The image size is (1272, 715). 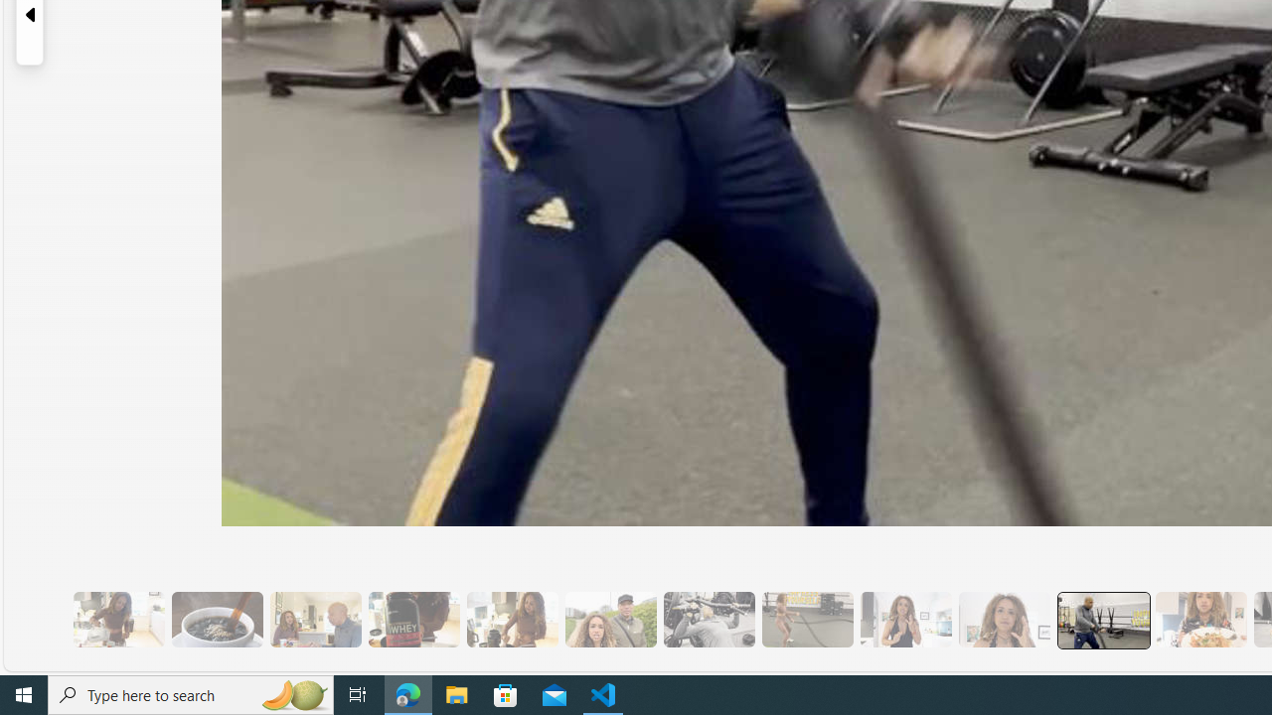 What do you see at coordinates (412, 619) in the screenshot?
I see `'6 Since Eating More Protein Her Training Has Improved'` at bounding box center [412, 619].